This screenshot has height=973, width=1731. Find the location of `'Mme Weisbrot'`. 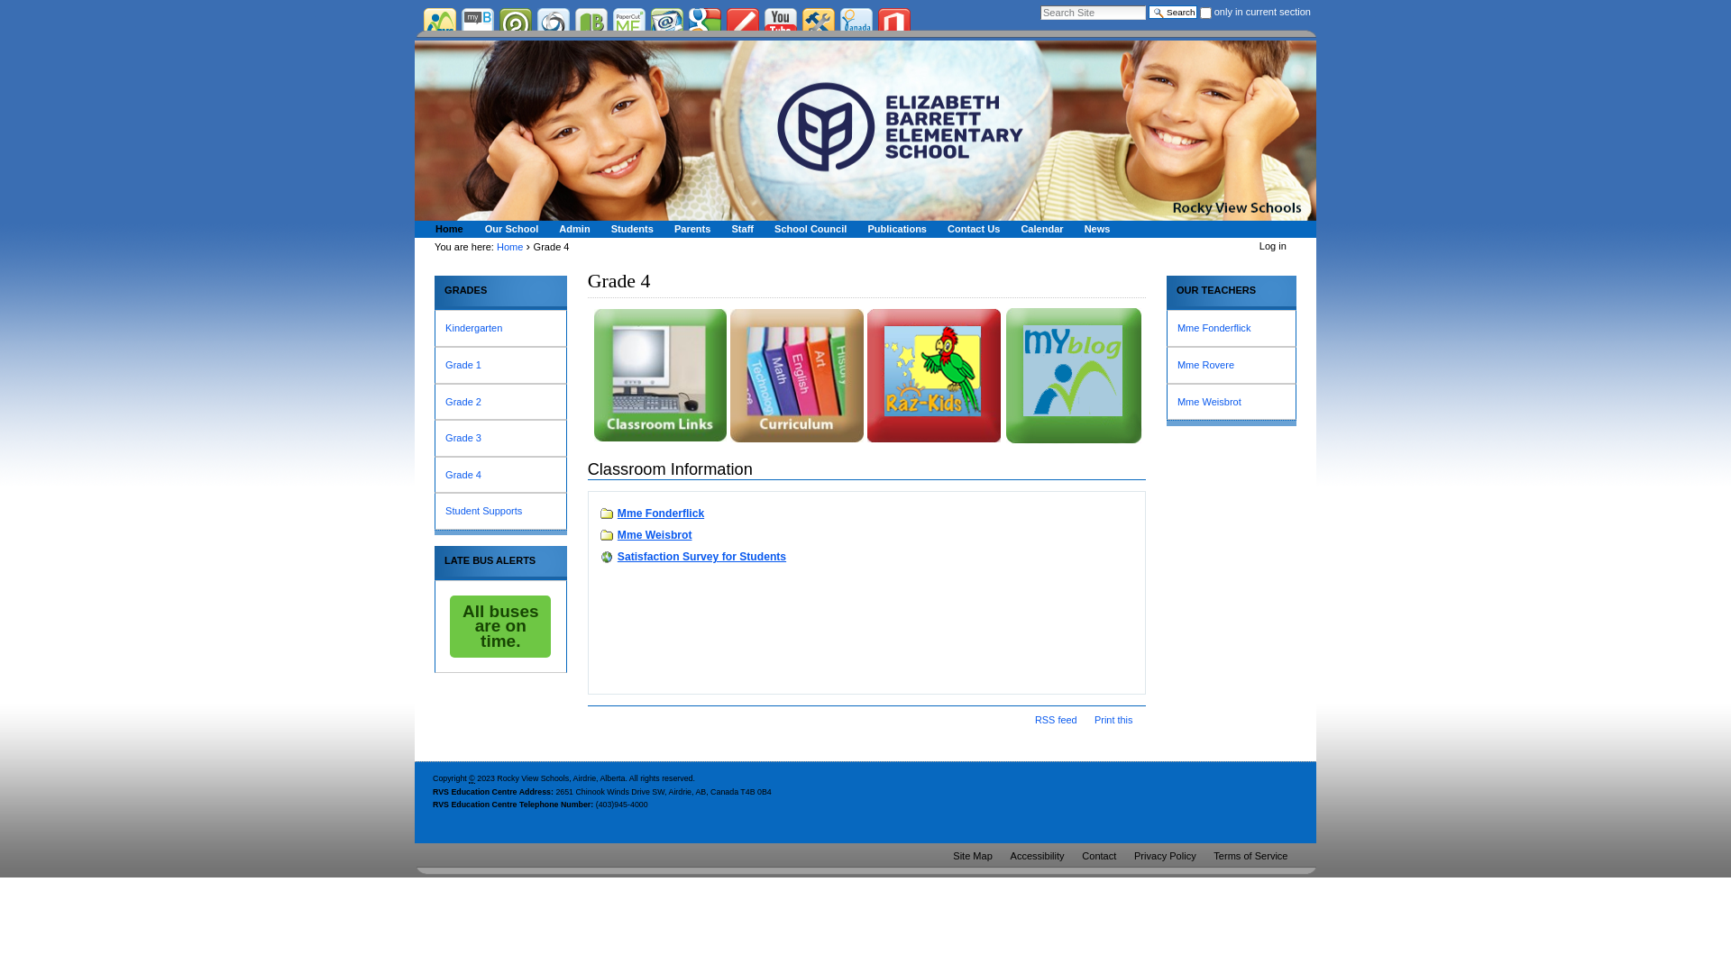

'Mme Weisbrot' is located at coordinates (1231, 401).